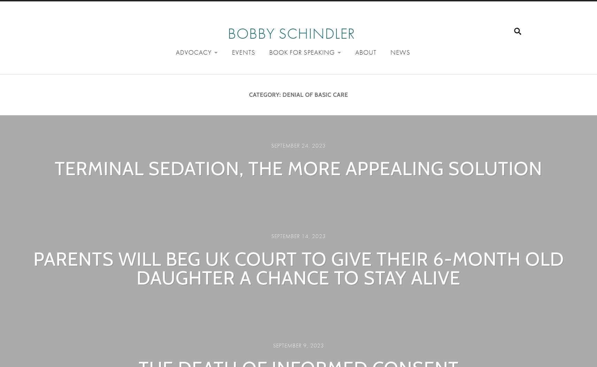 Image resolution: width=597 pixels, height=367 pixels. Describe the element at coordinates (298, 94) in the screenshot. I see `'Category: Denial of Basic Care'` at that location.